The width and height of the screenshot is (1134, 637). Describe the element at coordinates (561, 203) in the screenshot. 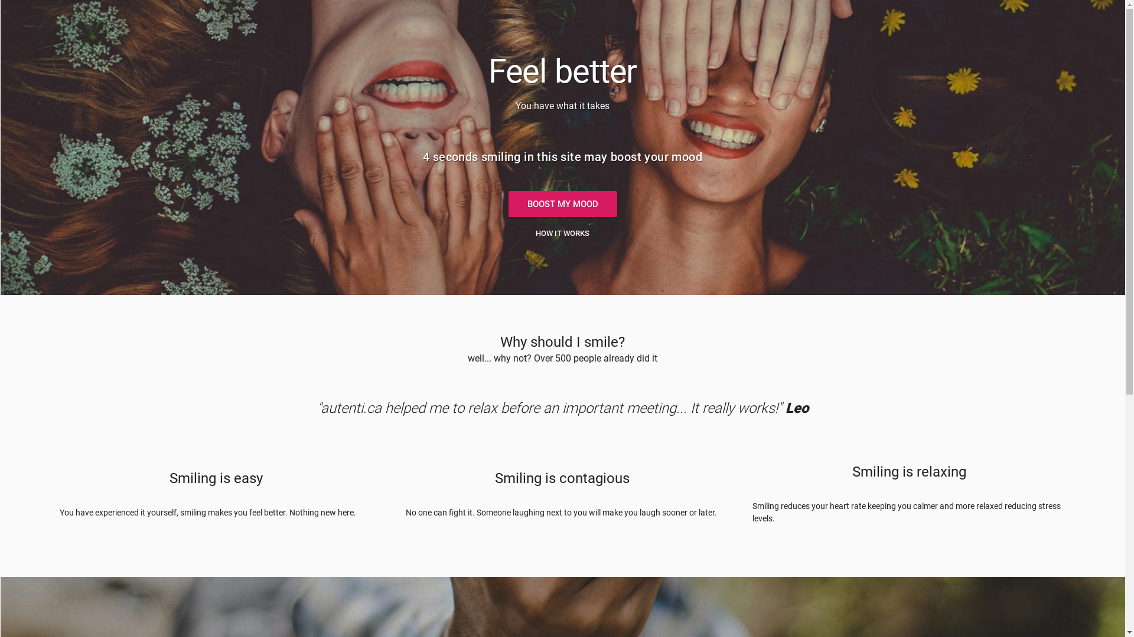

I see `'BOOST MY MOOD'` at that location.